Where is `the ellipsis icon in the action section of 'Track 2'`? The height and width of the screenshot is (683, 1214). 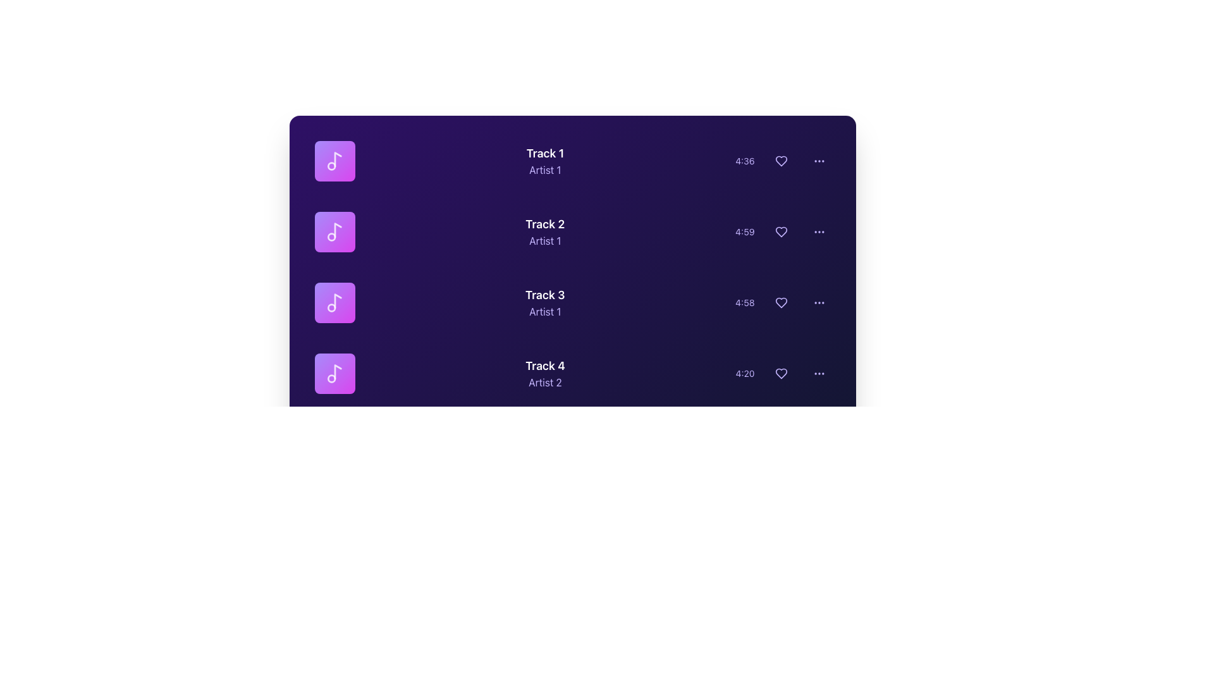
the ellipsis icon in the action section of 'Track 2' is located at coordinates (819, 231).